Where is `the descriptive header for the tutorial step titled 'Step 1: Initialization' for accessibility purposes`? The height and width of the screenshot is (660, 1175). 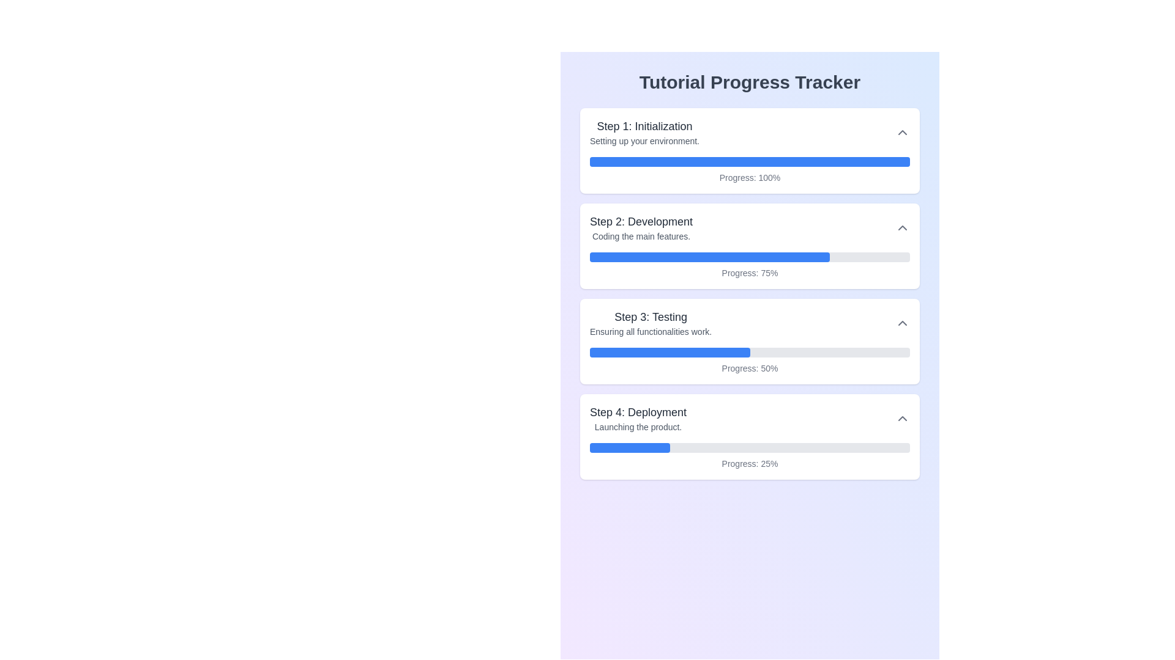
the descriptive header for the tutorial step titled 'Step 1: Initialization' for accessibility purposes is located at coordinates (644, 132).